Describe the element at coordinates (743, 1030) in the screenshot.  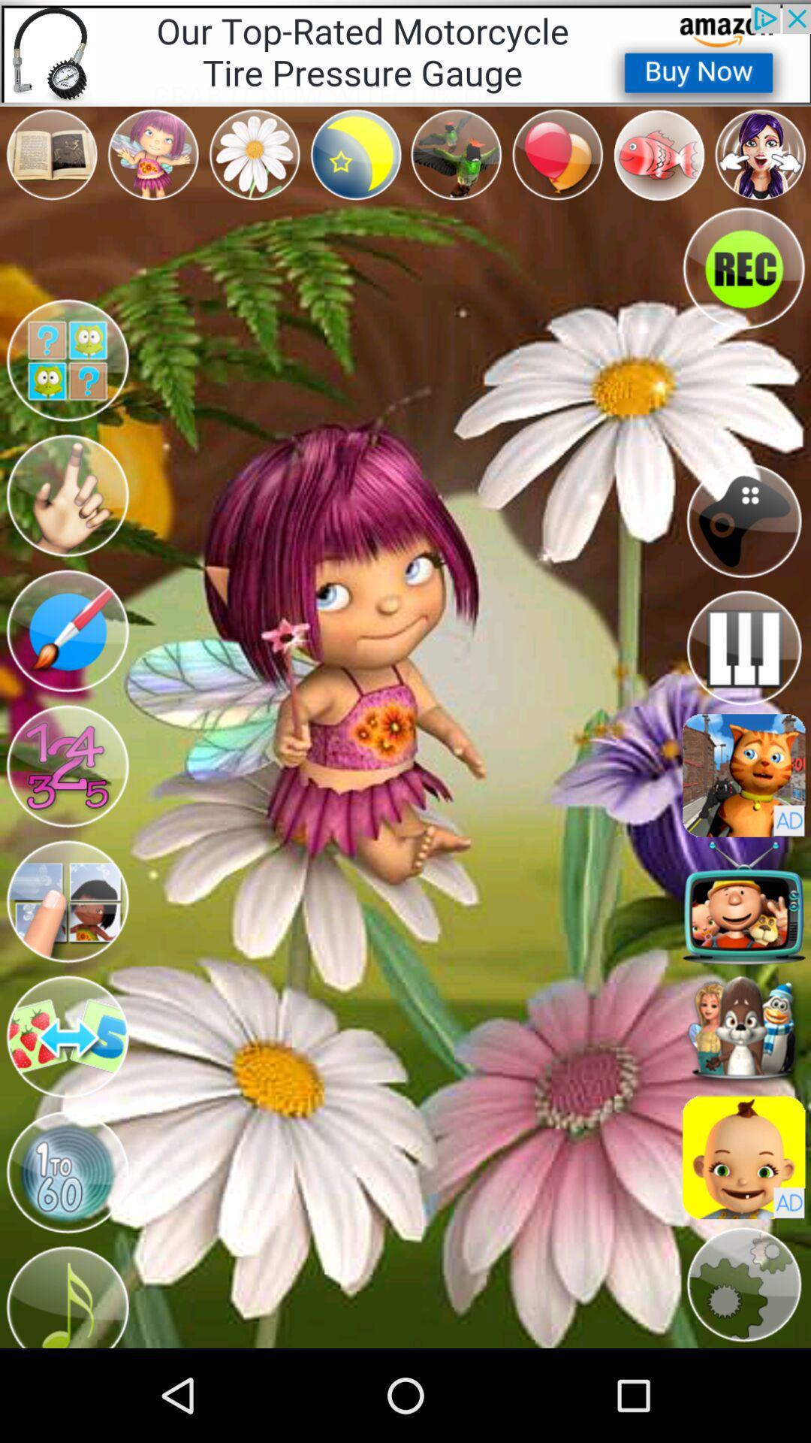
I see `icon selection` at that location.